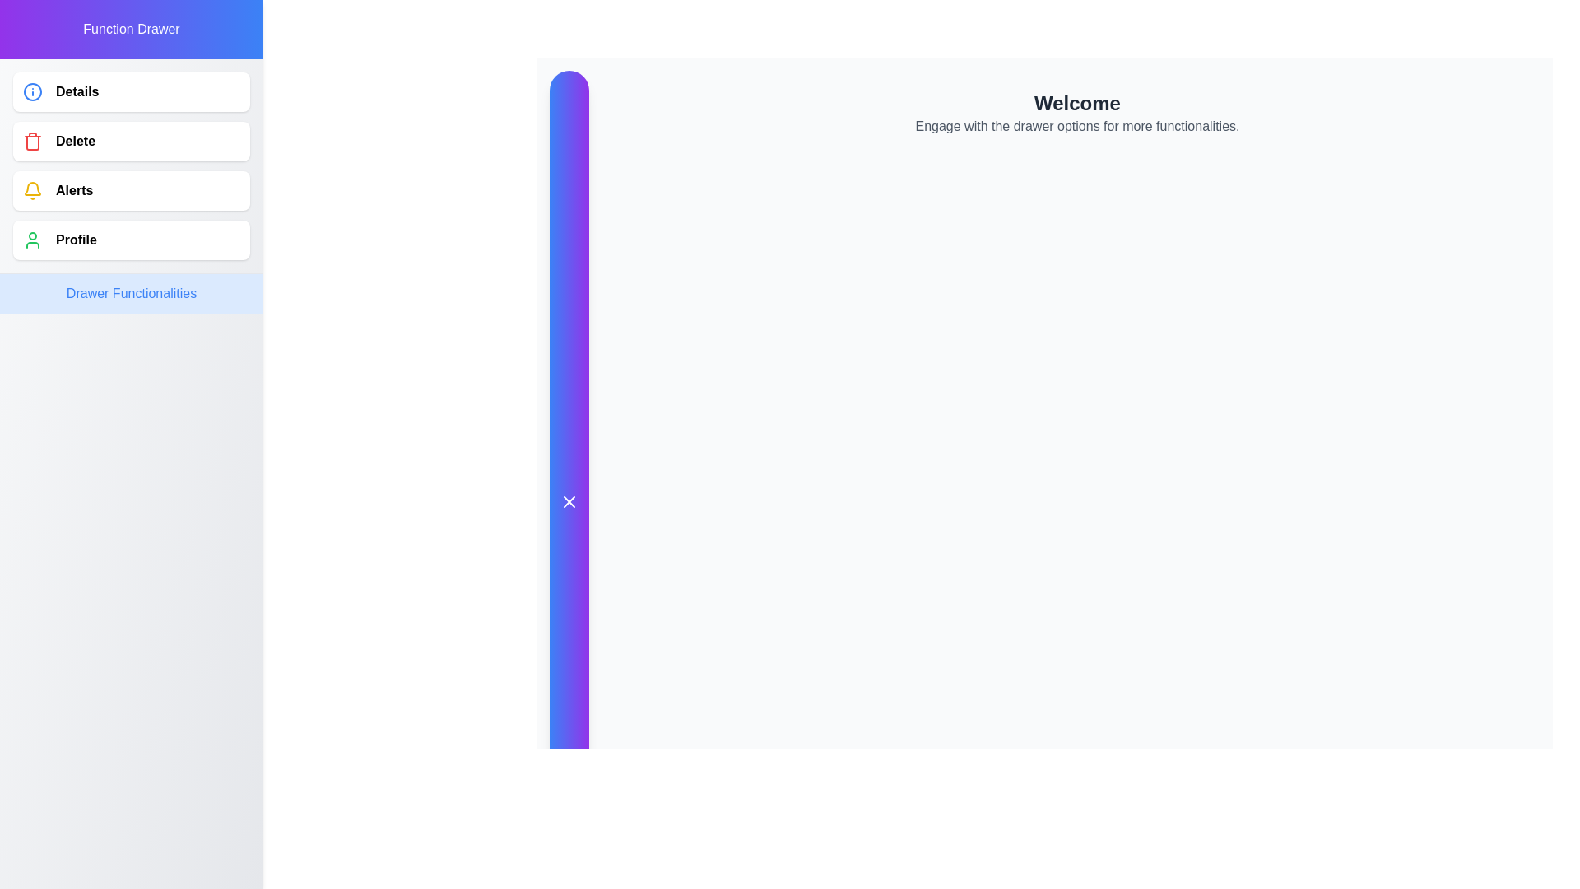  What do you see at coordinates (1077, 104) in the screenshot?
I see `bold, large-font heading text 'Welcome' displayed at the top-center of the interface` at bounding box center [1077, 104].